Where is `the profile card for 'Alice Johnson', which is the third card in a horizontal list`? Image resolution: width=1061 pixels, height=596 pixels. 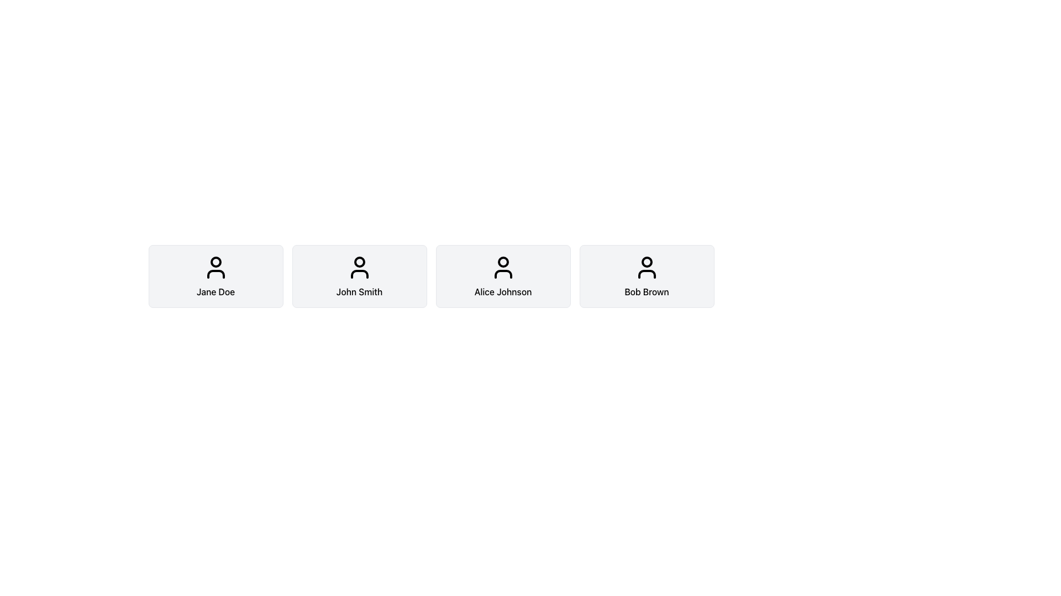 the profile card for 'Alice Johnson', which is the third card in a horizontal list is located at coordinates (502, 276).